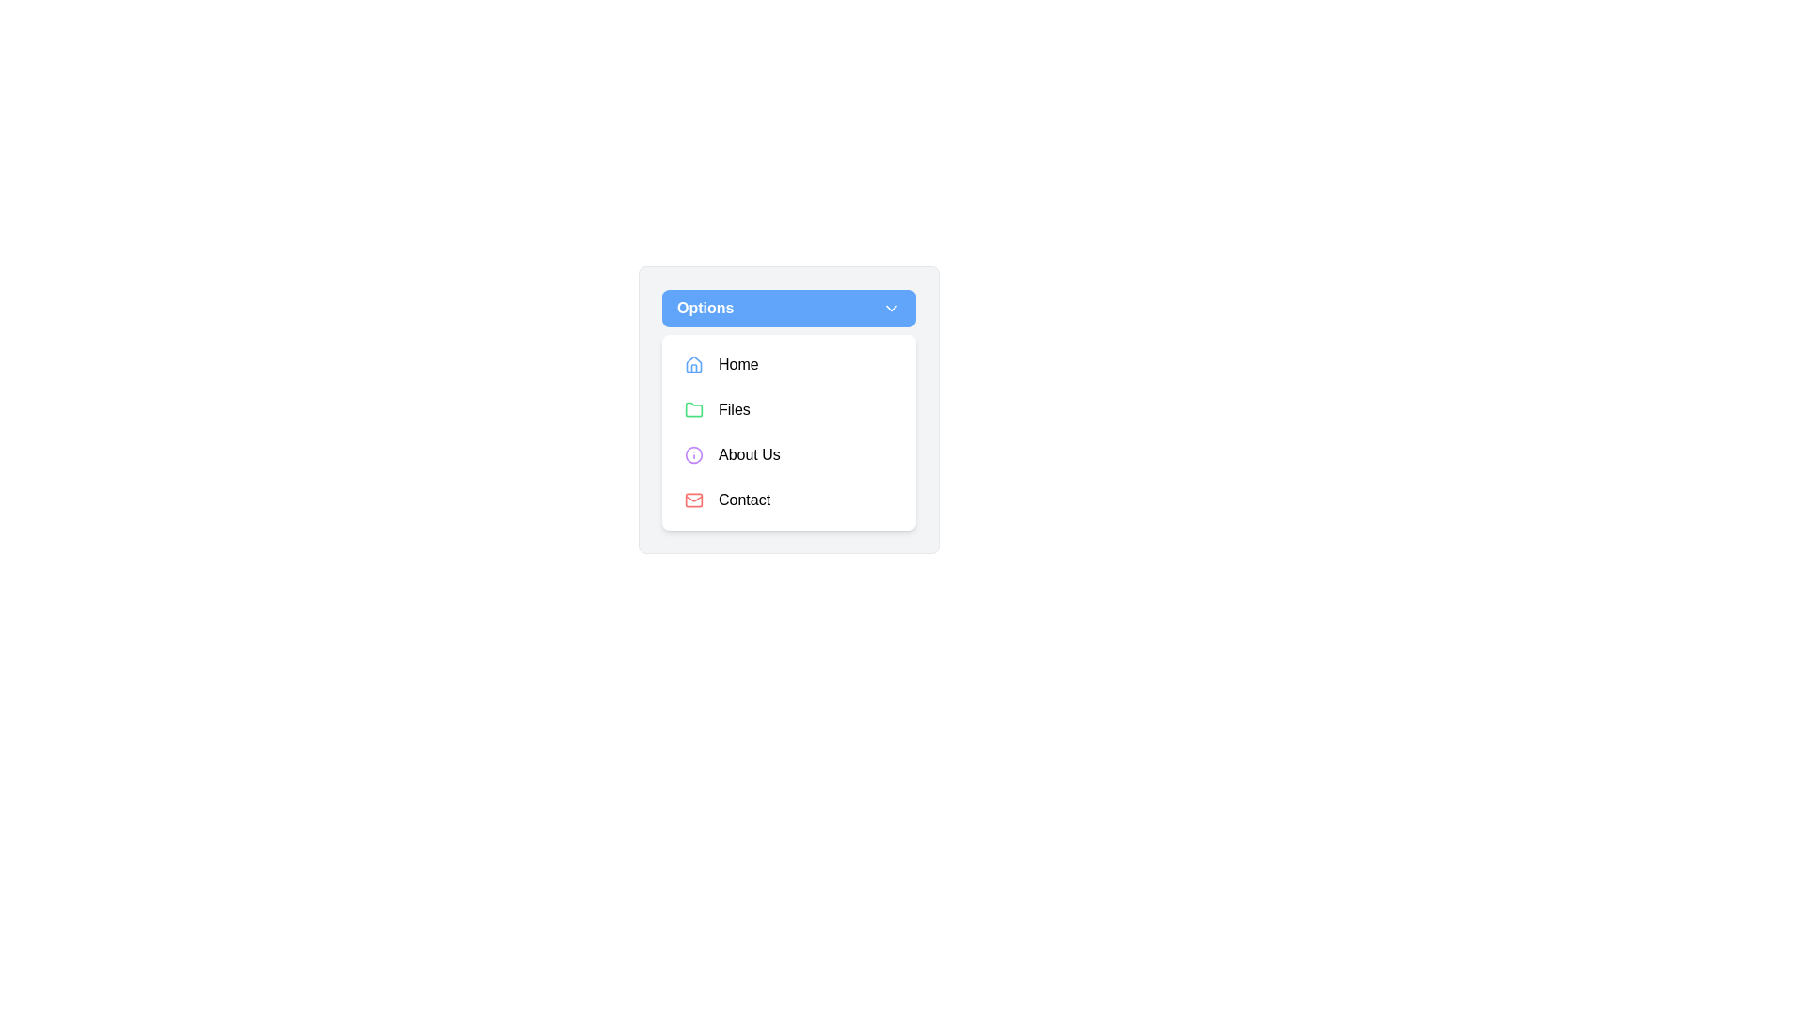  What do you see at coordinates (693, 365) in the screenshot?
I see `the blue house-shaped icon located to the left of the 'Home' text in the dropdown menu under 'Options'` at bounding box center [693, 365].